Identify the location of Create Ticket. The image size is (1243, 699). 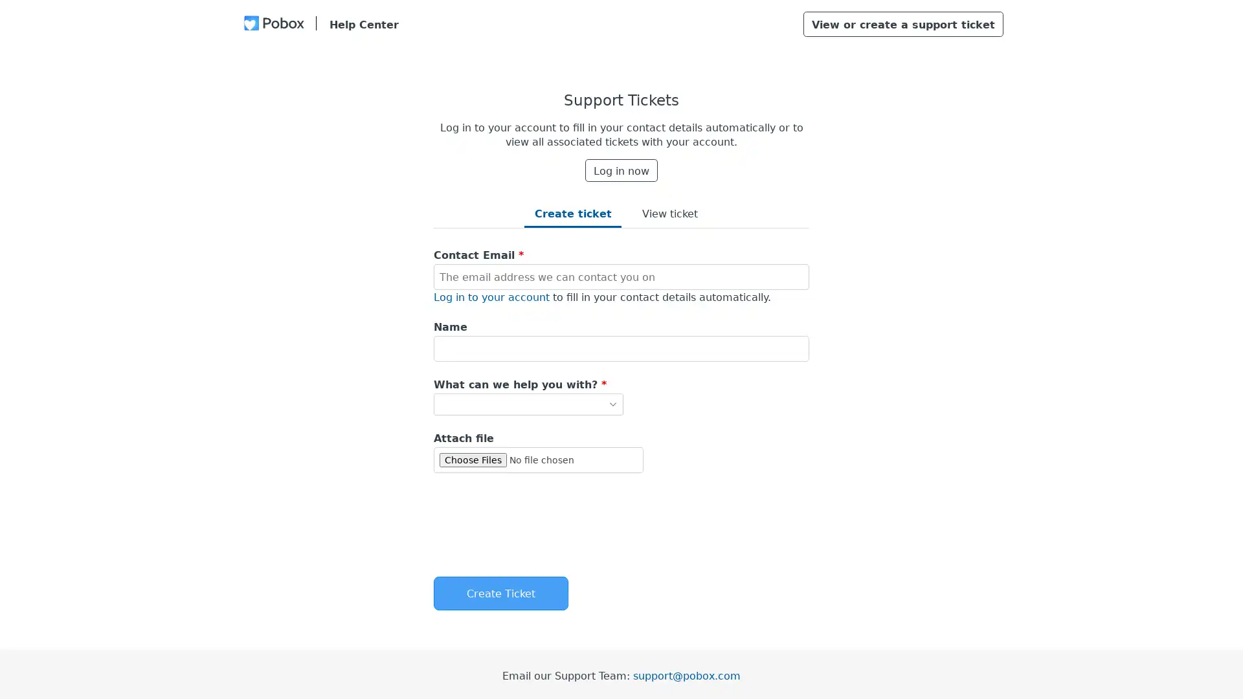
(500, 594).